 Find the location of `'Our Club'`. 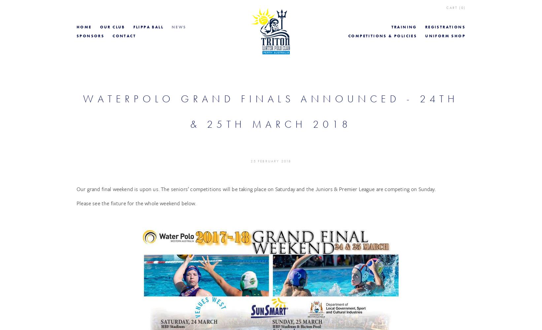

'Our Club' is located at coordinates (112, 27).